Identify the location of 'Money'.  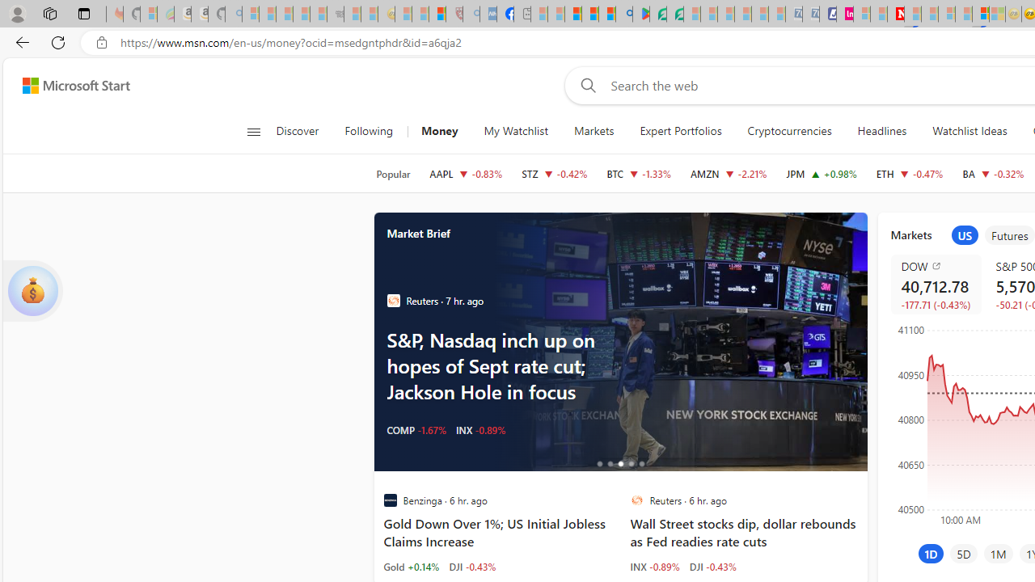
(439, 131).